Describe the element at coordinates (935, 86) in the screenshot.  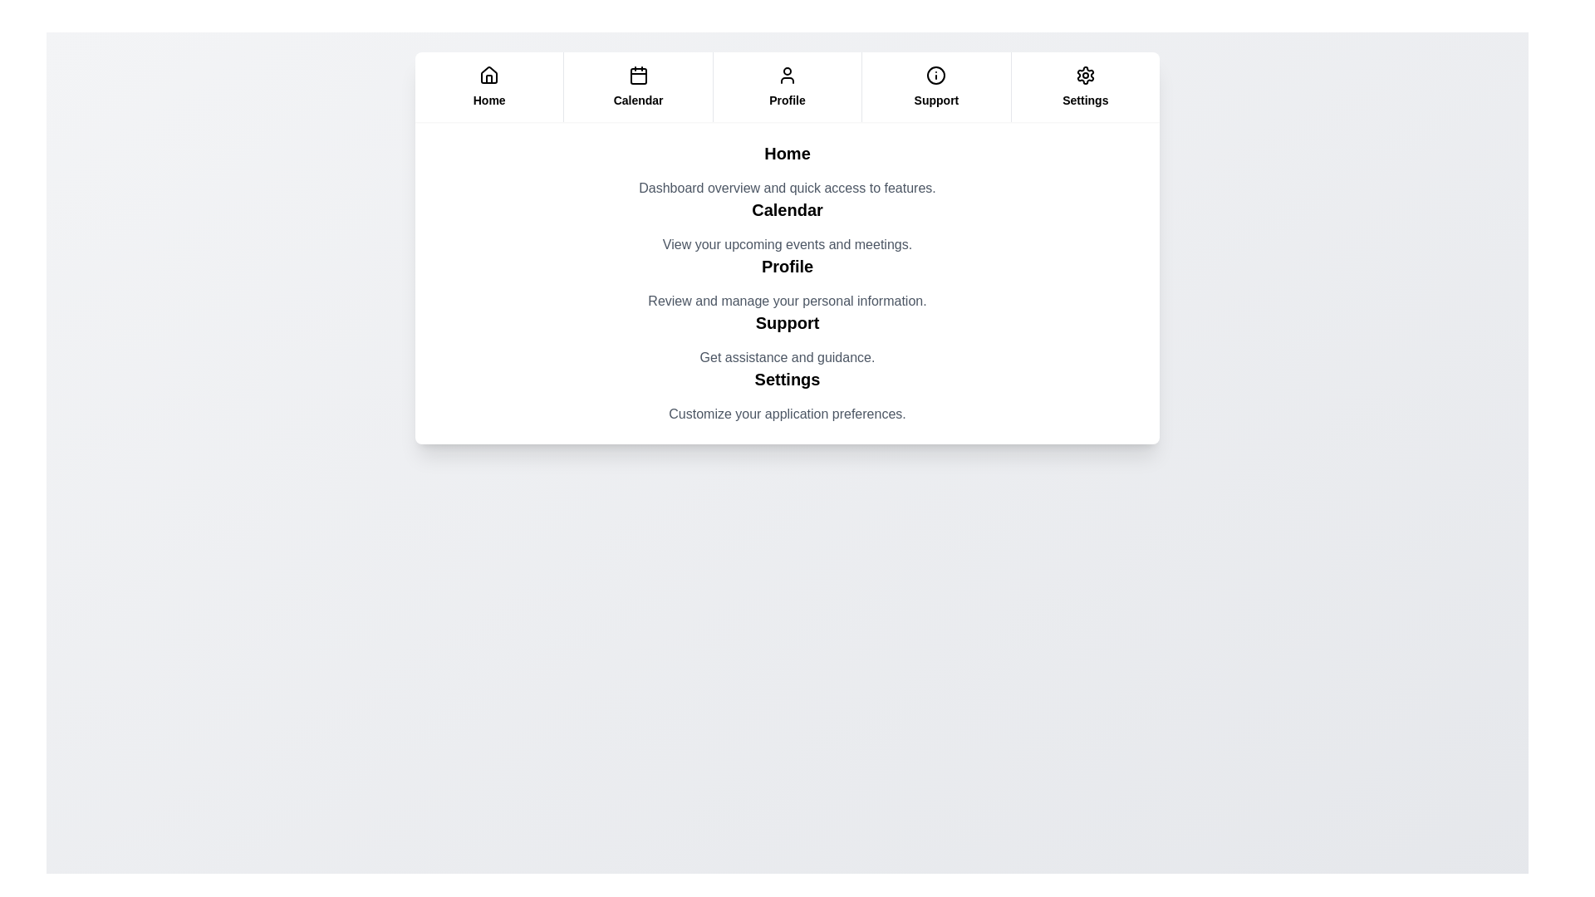
I see `the 'Support' button, which is a rectangular button with an information icon and the text 'Support' in bold, located in the horizontal navigation bar as the fourth item from the left` at that location.